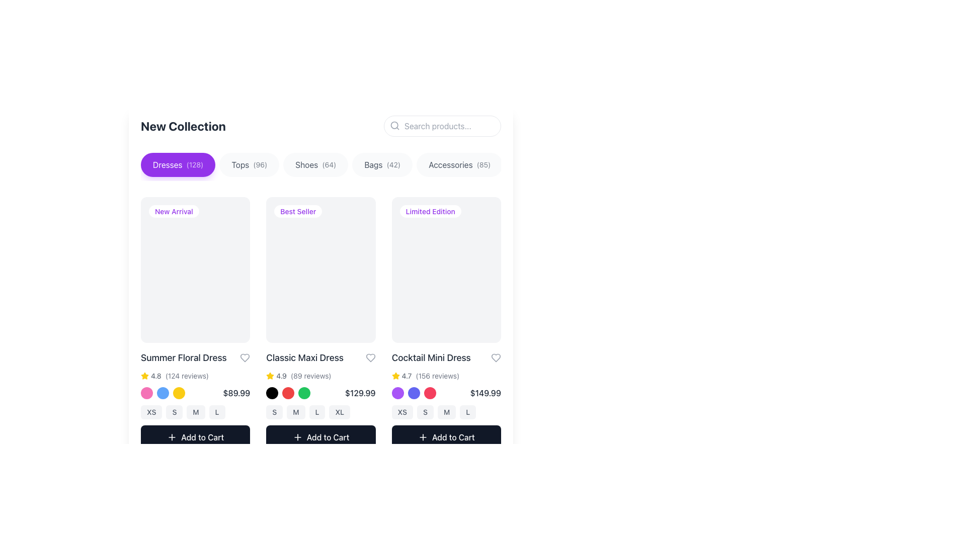 The height and width of the screenshot is (543, 966). I want to click on the 'XL' button, which is the last button in the size selection row for the 'Classic Maxi Dress', so click(340, 412).